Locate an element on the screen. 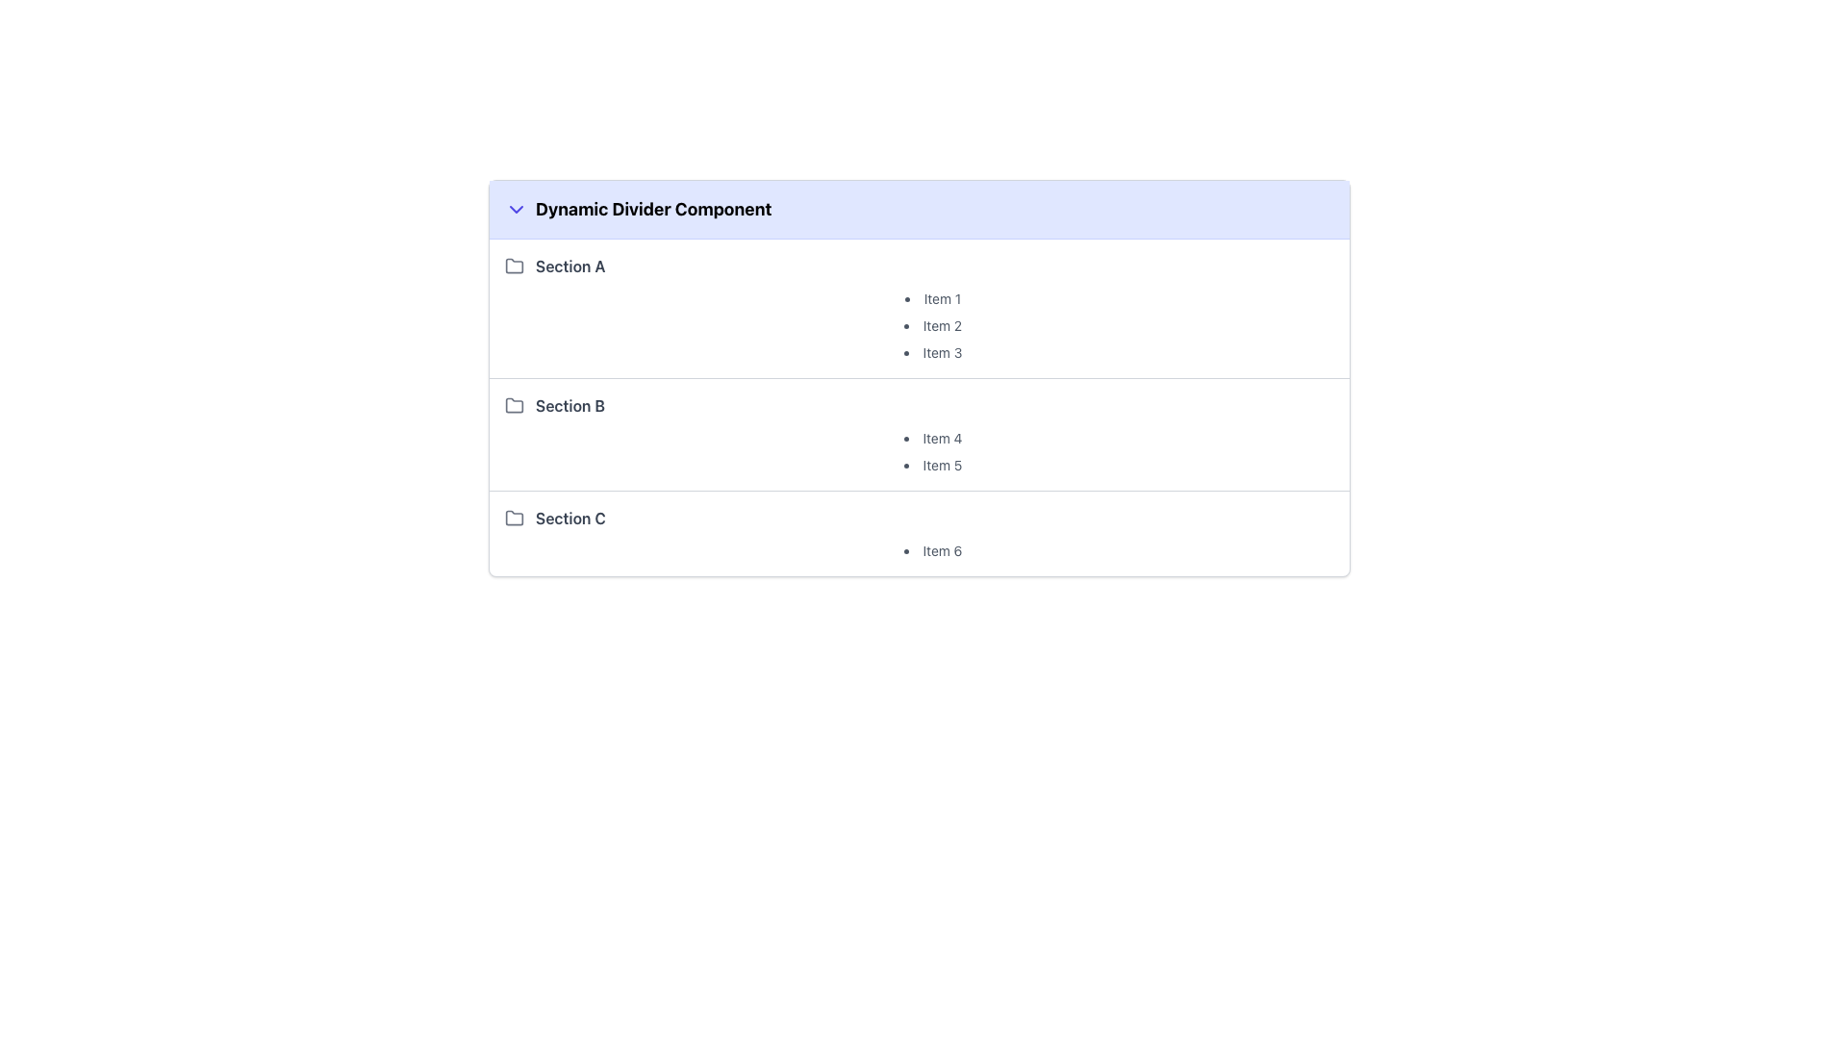 The image size is (1847, 1039). the first item in the list under 'Section A', which serves as a label or descriptor for further content is located at coordinates (932, 299).